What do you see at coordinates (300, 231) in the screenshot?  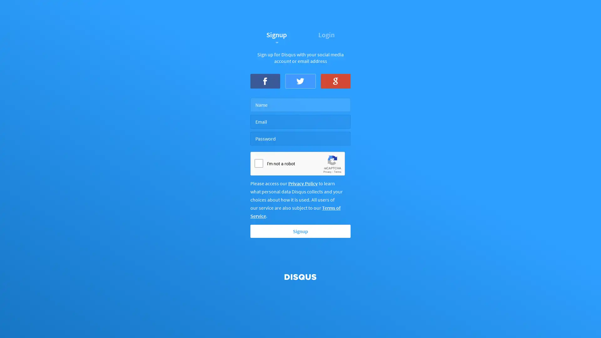 I see `Signup` at bounding box center [300, 231].